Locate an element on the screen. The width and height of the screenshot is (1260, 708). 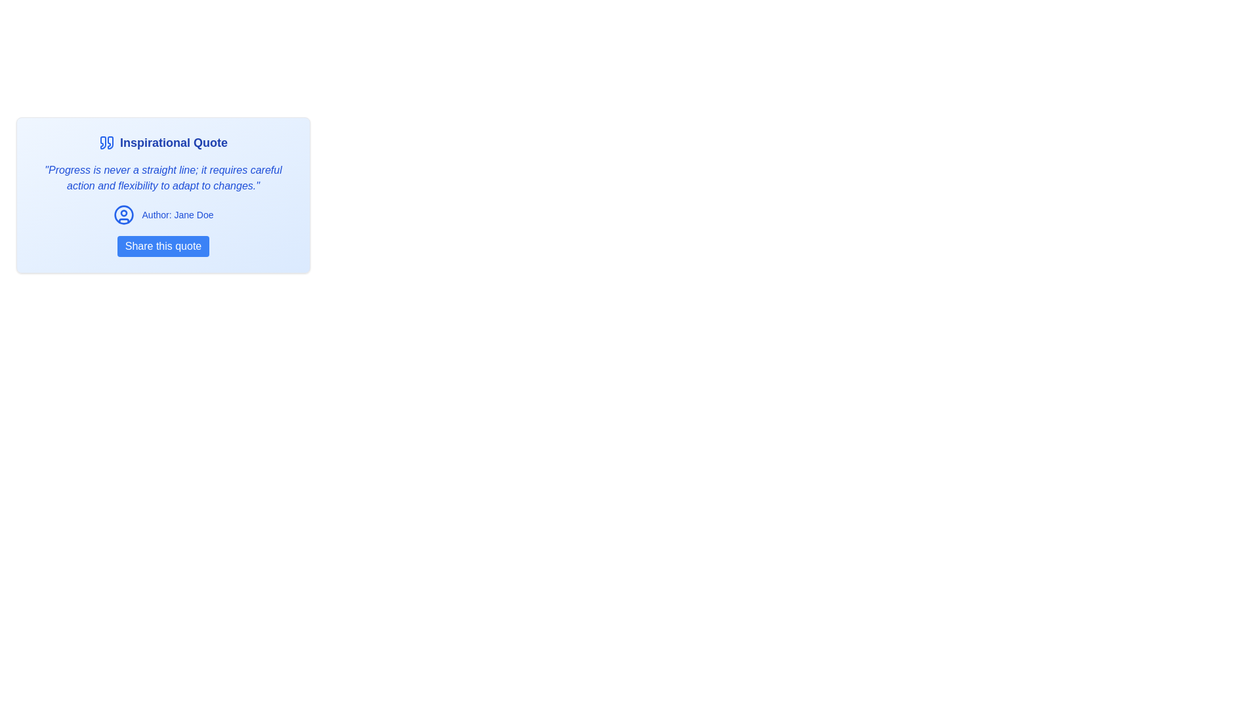
blue quotation mark graphic icon located to the left of the 'Inspirational Quote' heading using developer tools is located at coordinates (102, 143).